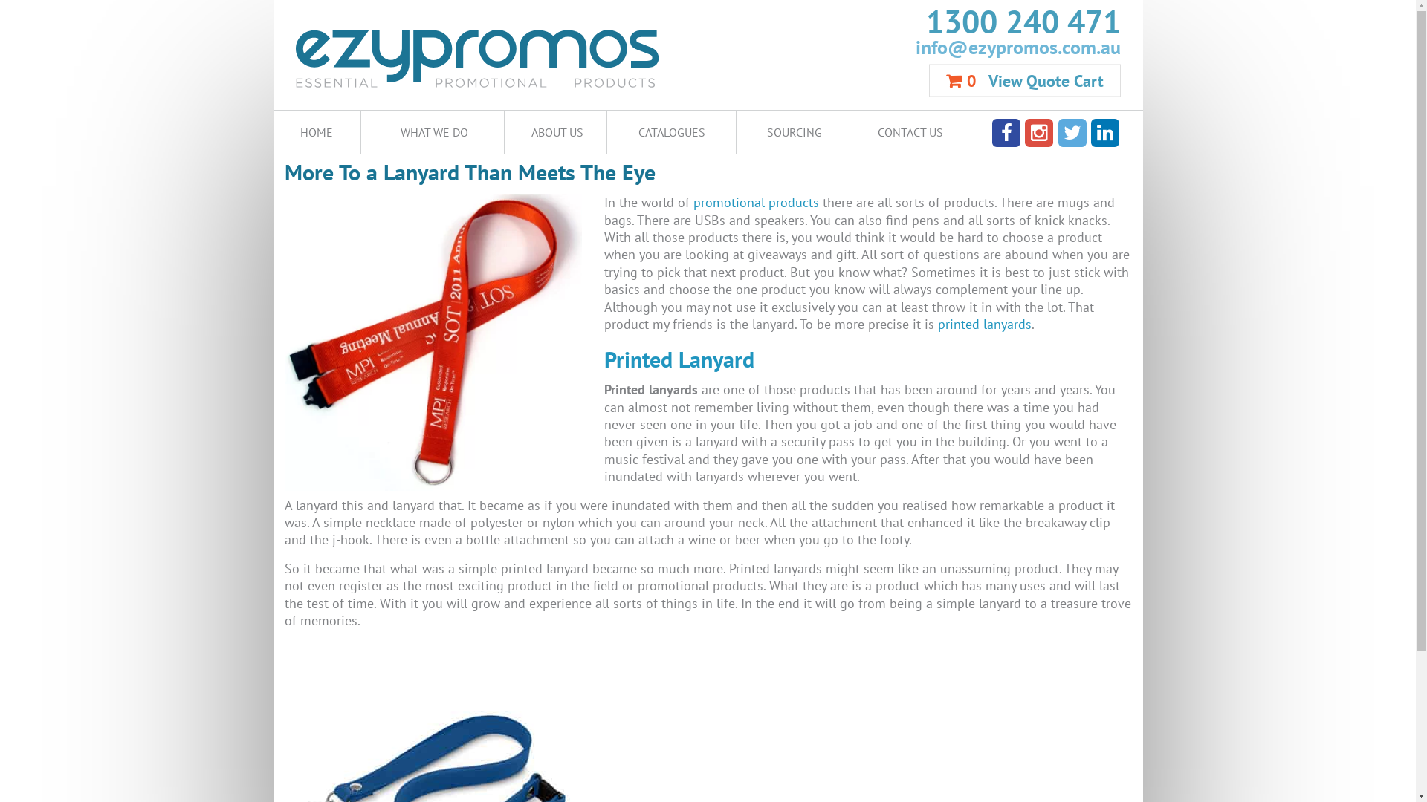 The image size is (1427, 802). I want to click on 'ABOUT US', so click(554, 131).